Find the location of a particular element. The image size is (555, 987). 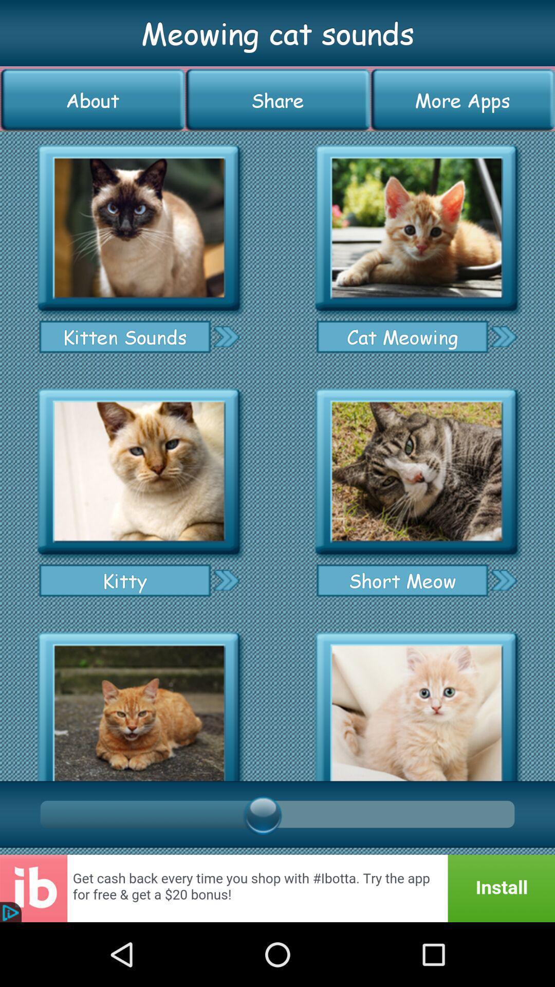

kitten sounds button is located at coordinates (124, 337).